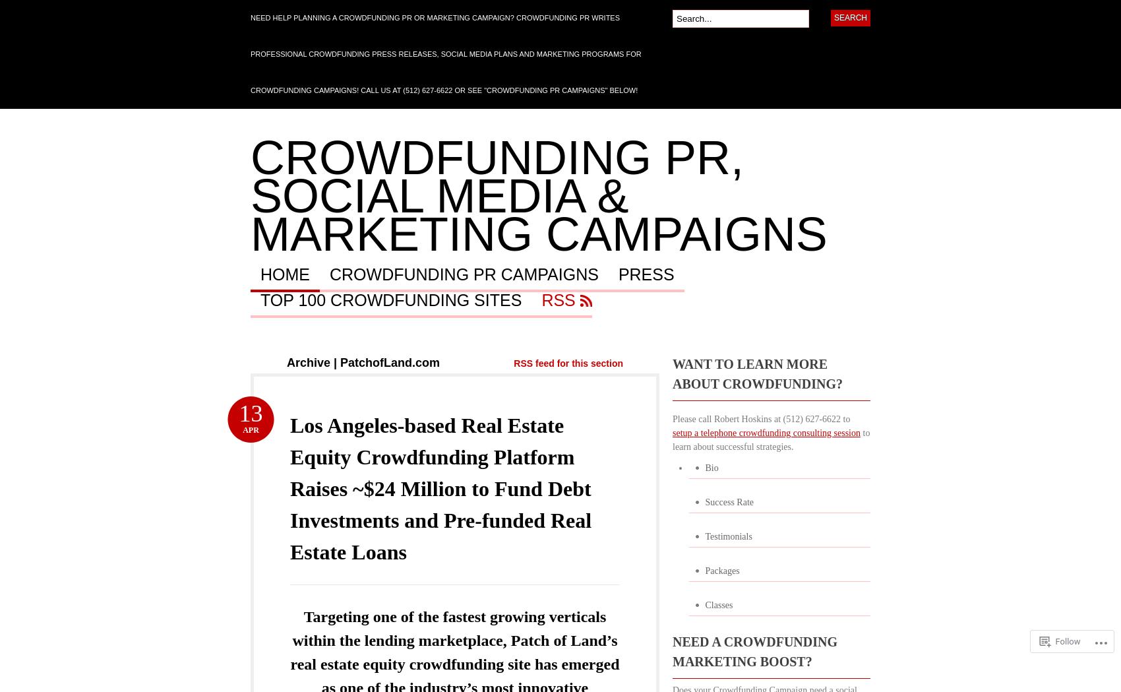  Describe the element at coordinates (728, 536) in the screenshot. I see `'Testimonials'` at that location.